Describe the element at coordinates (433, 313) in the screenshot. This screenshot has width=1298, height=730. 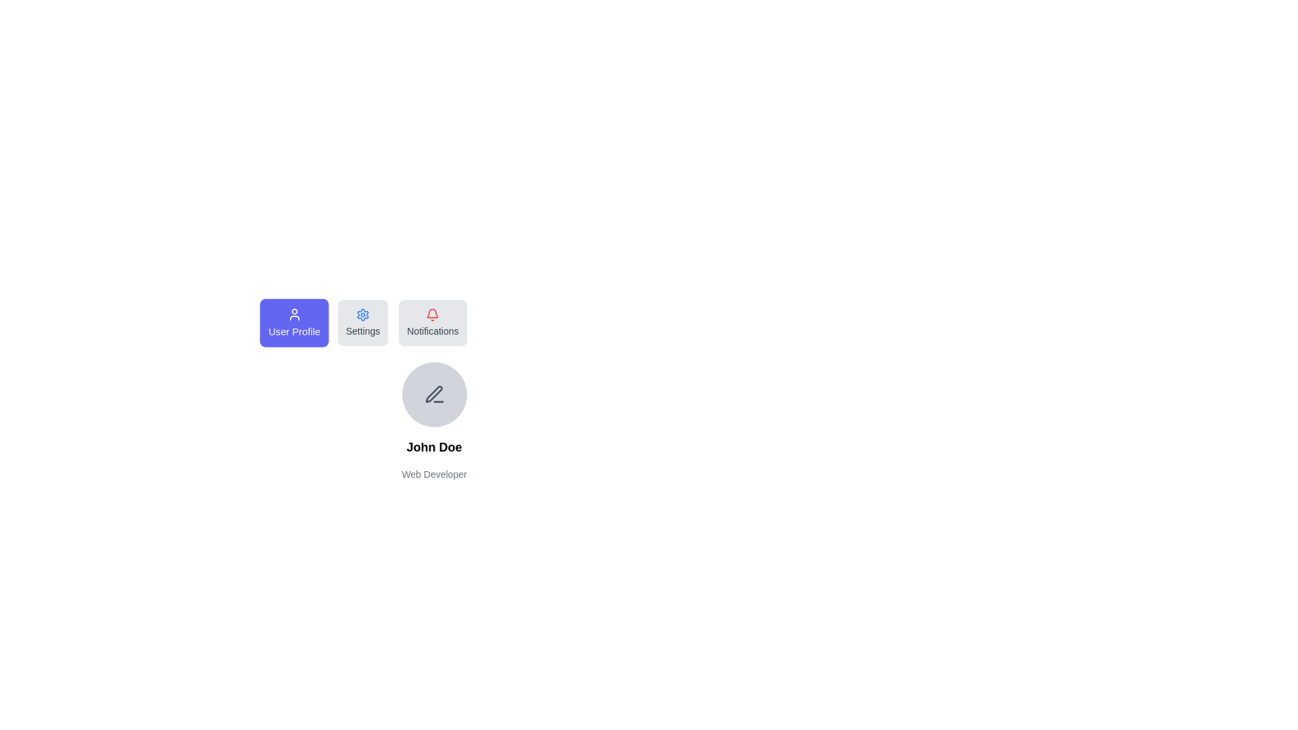
I see `the decorative bell icon, which is positioned as the last icon in a row of three buttons labeled 'User Profile', 'Settings', and 'Notifications'` at that location.